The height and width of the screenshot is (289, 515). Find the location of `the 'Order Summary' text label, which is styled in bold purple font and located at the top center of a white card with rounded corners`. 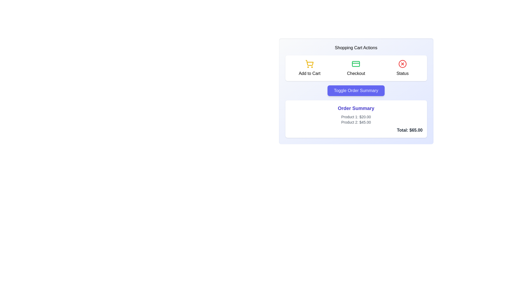

the 'Order Summary' text label, which is styled in bold purple font and located at the top center of a white card with rounded corners is located at coordinates (356, 108).